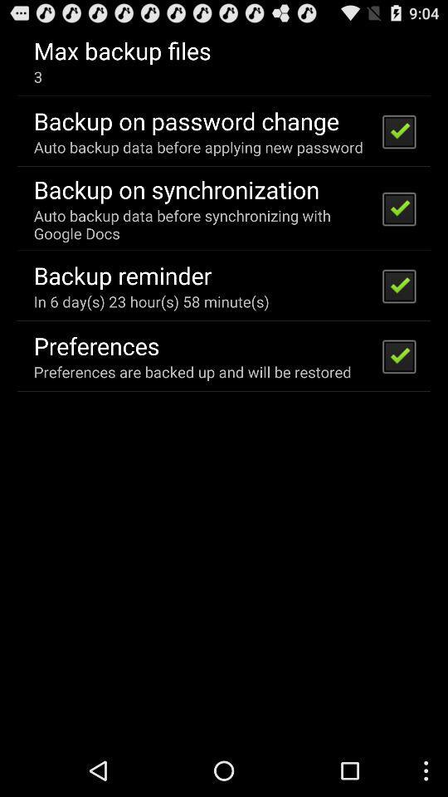  I want to click on icon below backup reminder item, so click(151, 301).